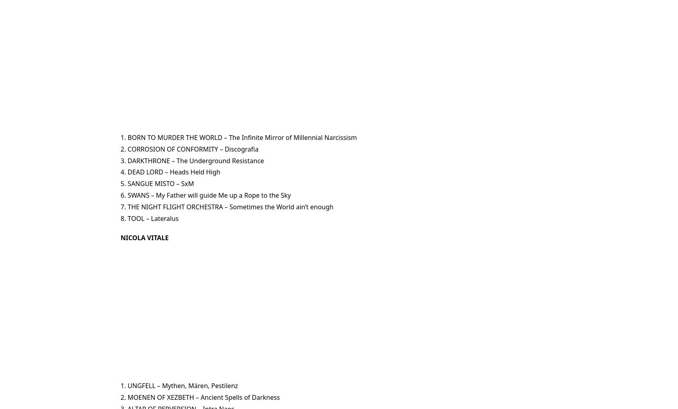 The image size is (678, 409). I want to click on '5. SANGUE MISTO – SxM', so click(157, 183).